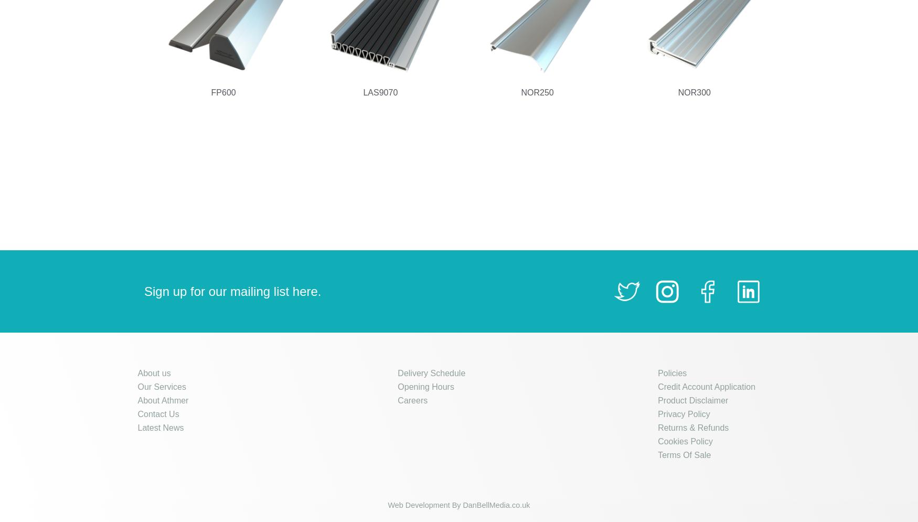 The height and width of the screenshot is (522, 918). I want to click on 'Returns & Refunds', so click(693, 427).